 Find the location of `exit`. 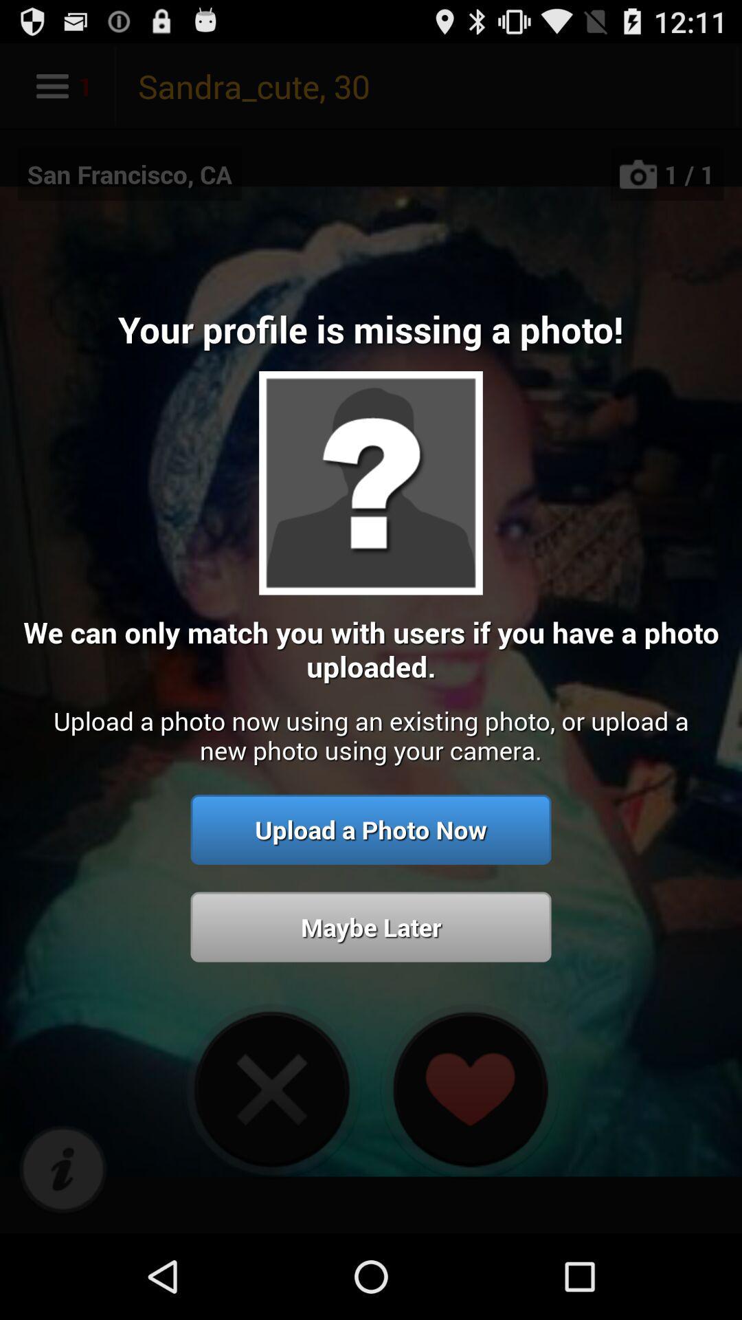

exit is located at coordinates (271, 1088).